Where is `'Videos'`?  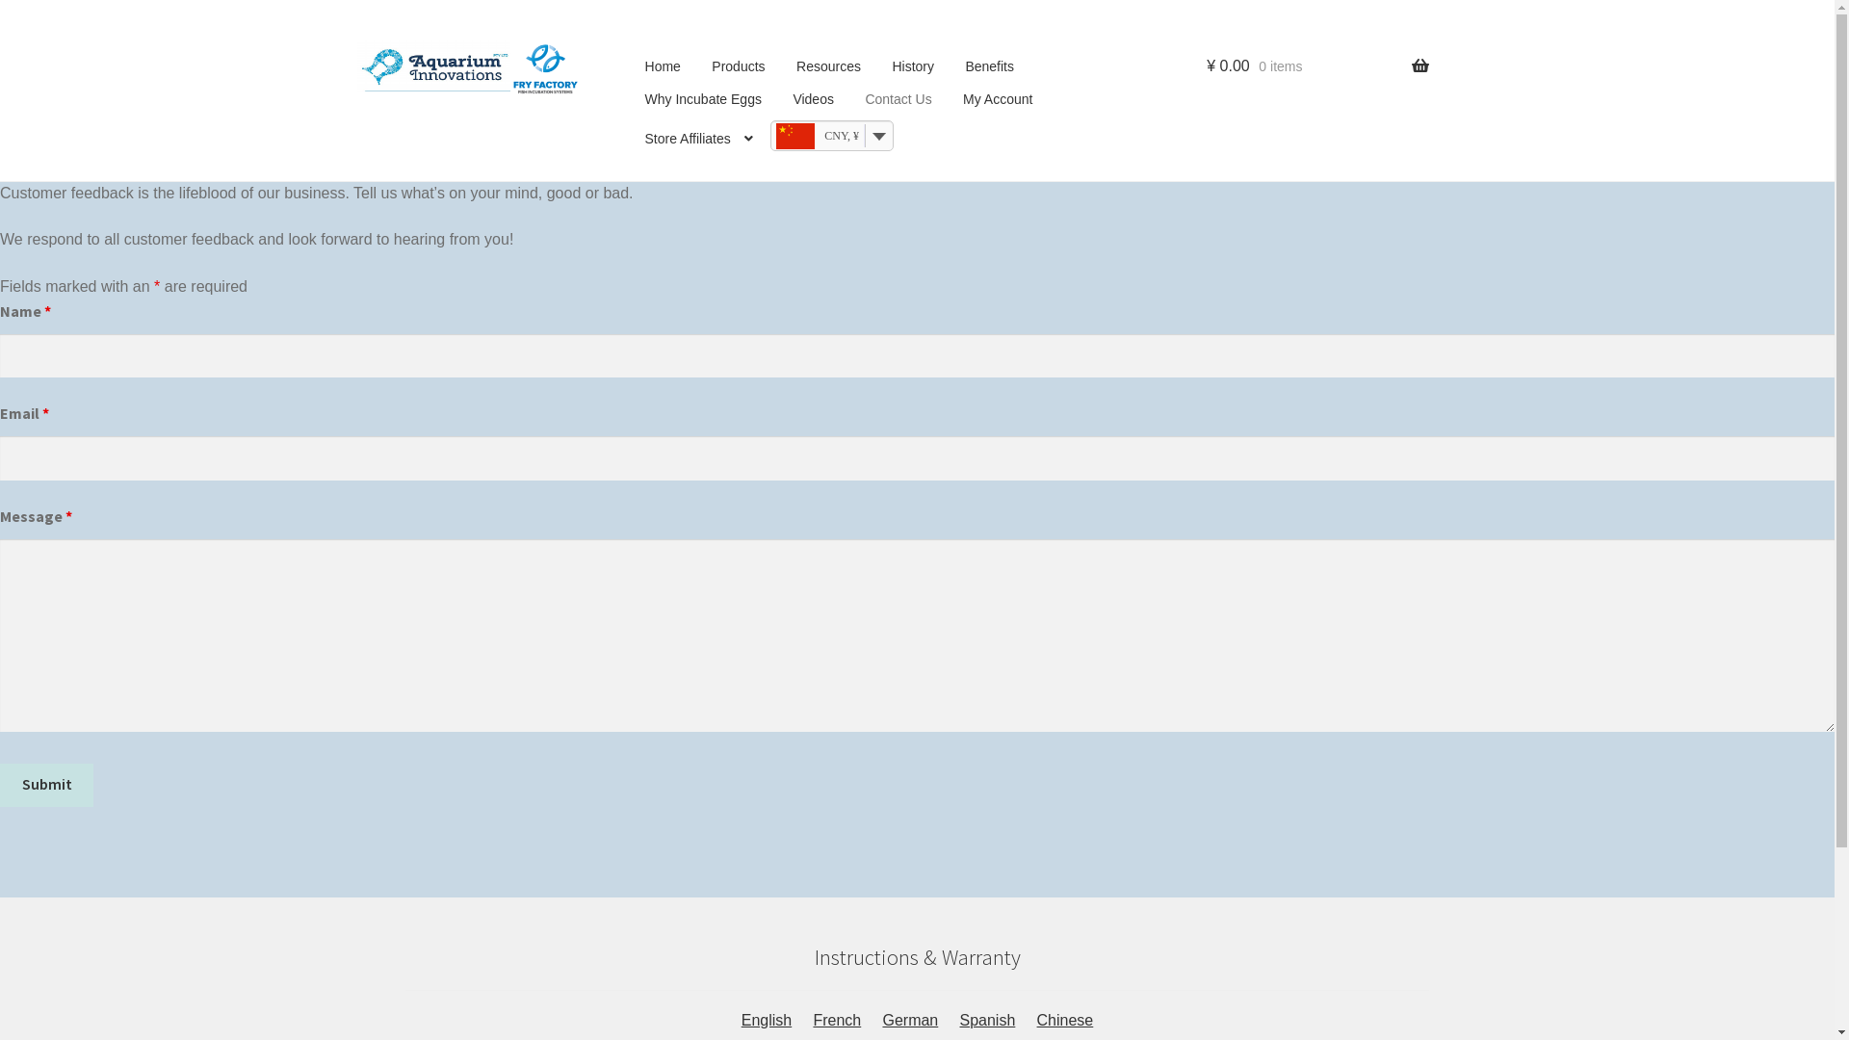
'Videos' is located at coordinates (813, 104).